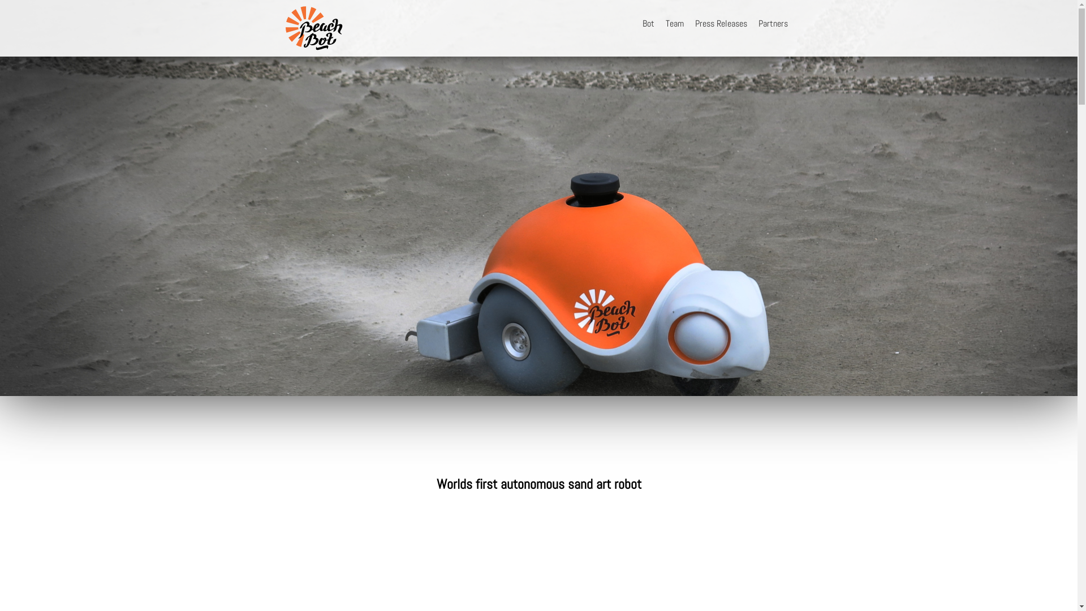 This screenshot has height=611, width=1086. I want to click on 'Bot', so click(637, 23).